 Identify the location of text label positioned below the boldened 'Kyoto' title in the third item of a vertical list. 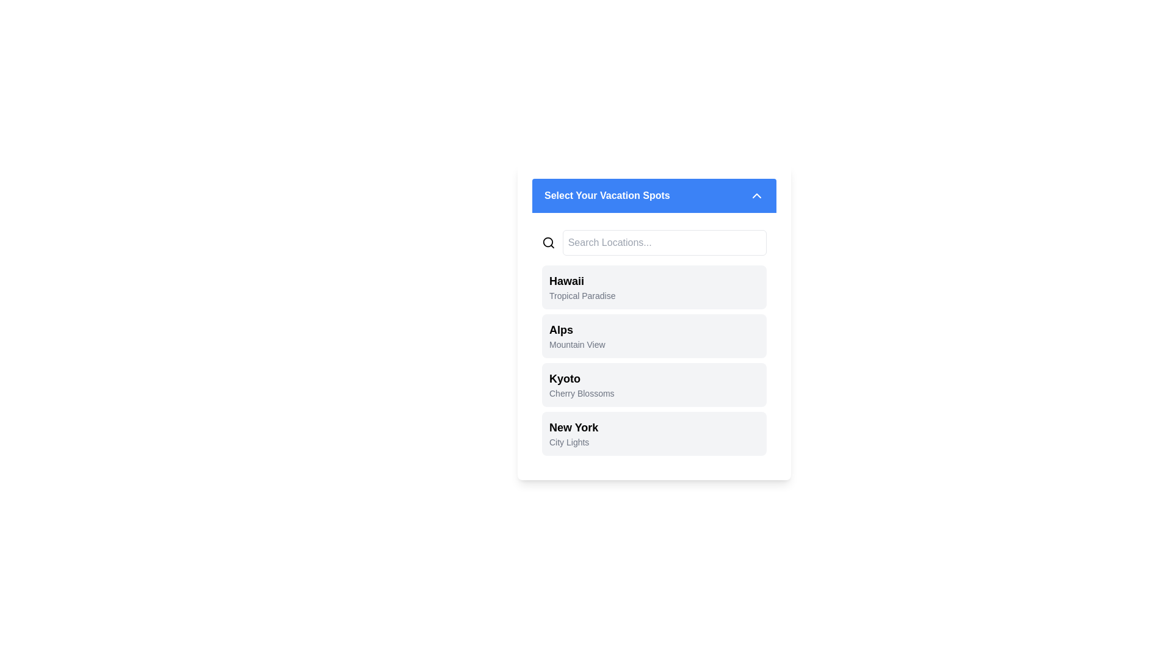
(581, 393).